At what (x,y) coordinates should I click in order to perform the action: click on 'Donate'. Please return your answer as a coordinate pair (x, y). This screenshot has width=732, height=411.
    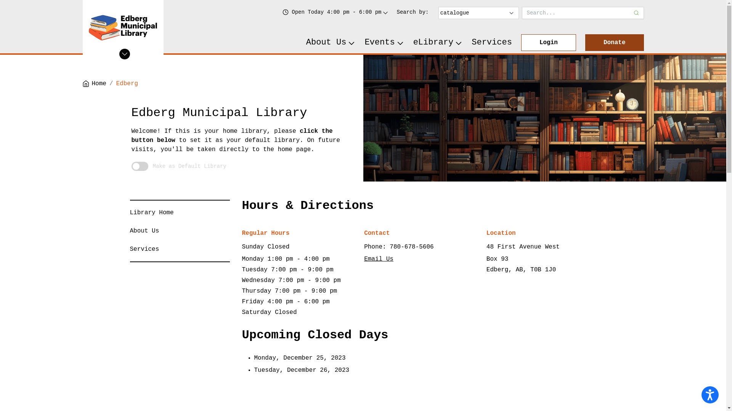
    Looking at the image, I should click on (615, 42).